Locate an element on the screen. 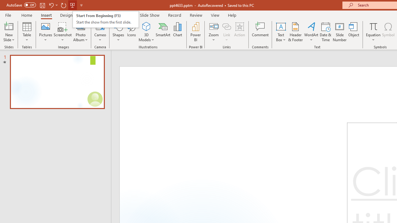 The image size is (397, 223). 'Table' is located at coordinates (27, 32).